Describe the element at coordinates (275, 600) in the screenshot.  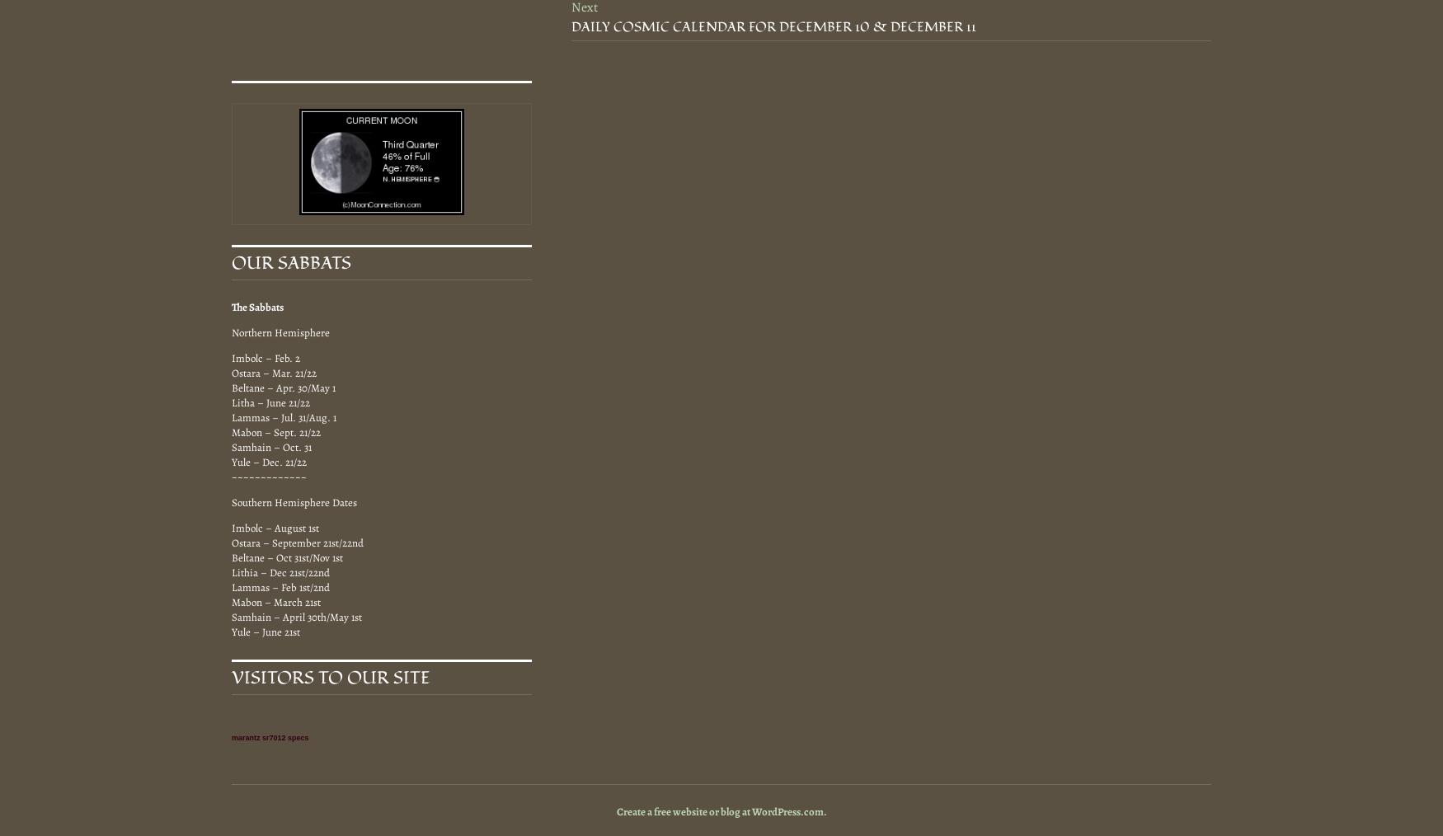
I see `'Mabon – March 21st'` at that location.